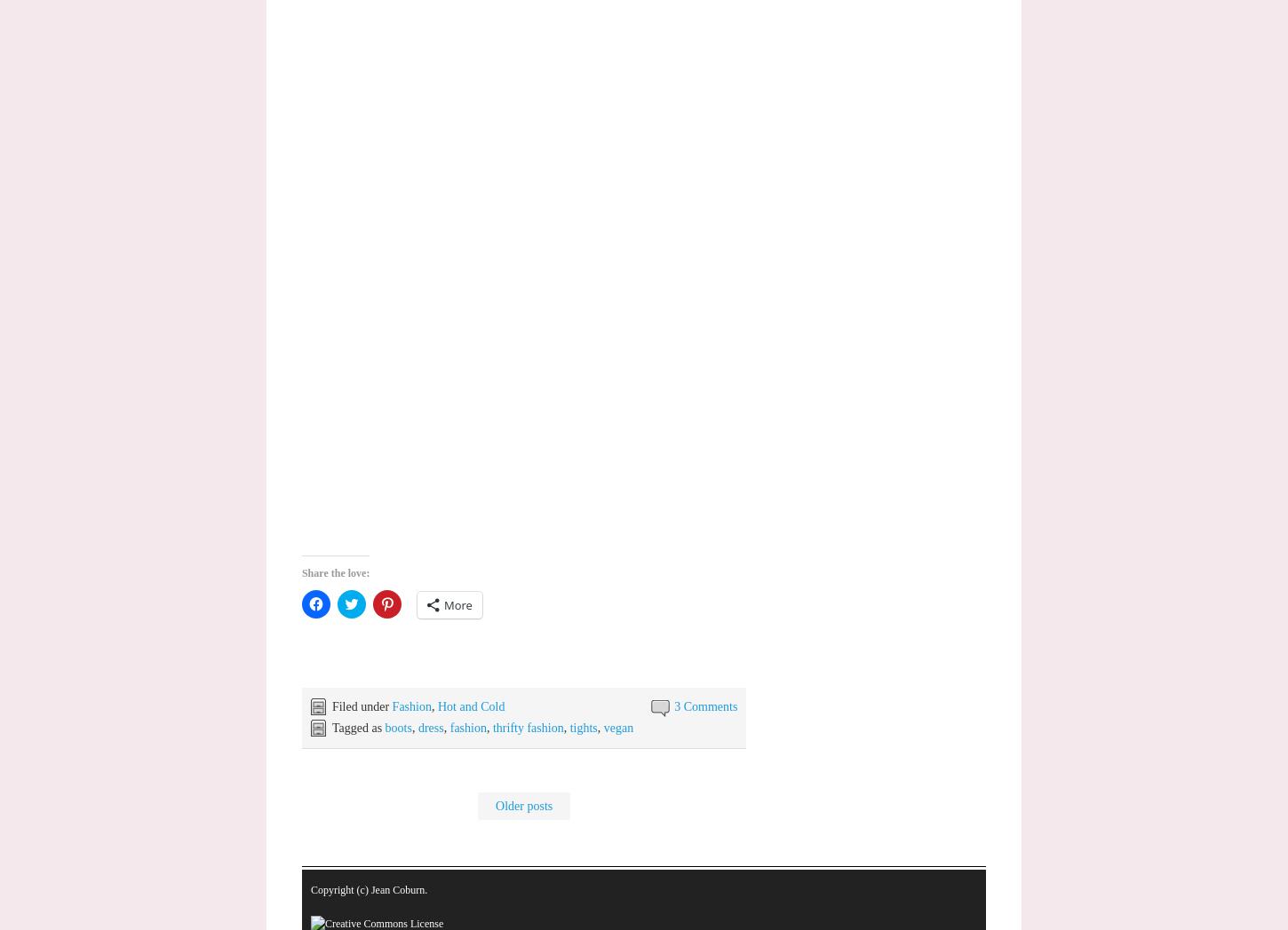  What do you see at coordinates (430, 727) in the screenshot?
I see `'dress'` at bounding box center [430, 727].